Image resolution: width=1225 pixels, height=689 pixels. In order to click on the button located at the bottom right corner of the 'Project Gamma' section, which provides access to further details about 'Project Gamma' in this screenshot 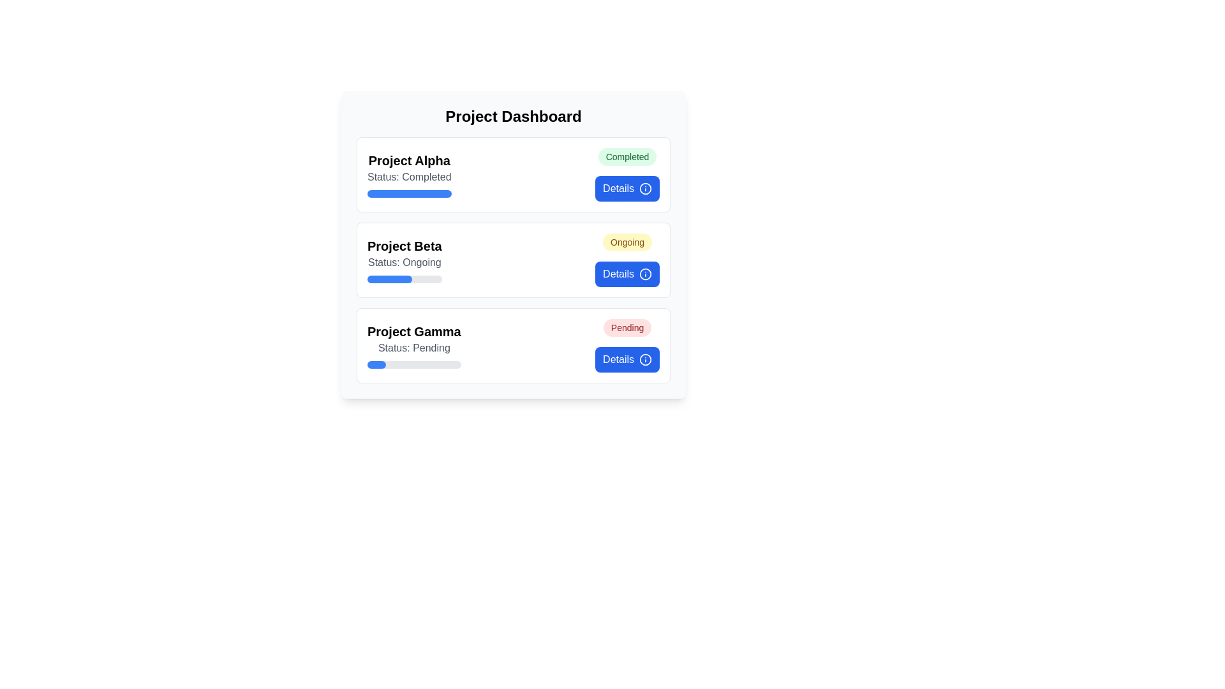, I will do `click(627, 359)`.